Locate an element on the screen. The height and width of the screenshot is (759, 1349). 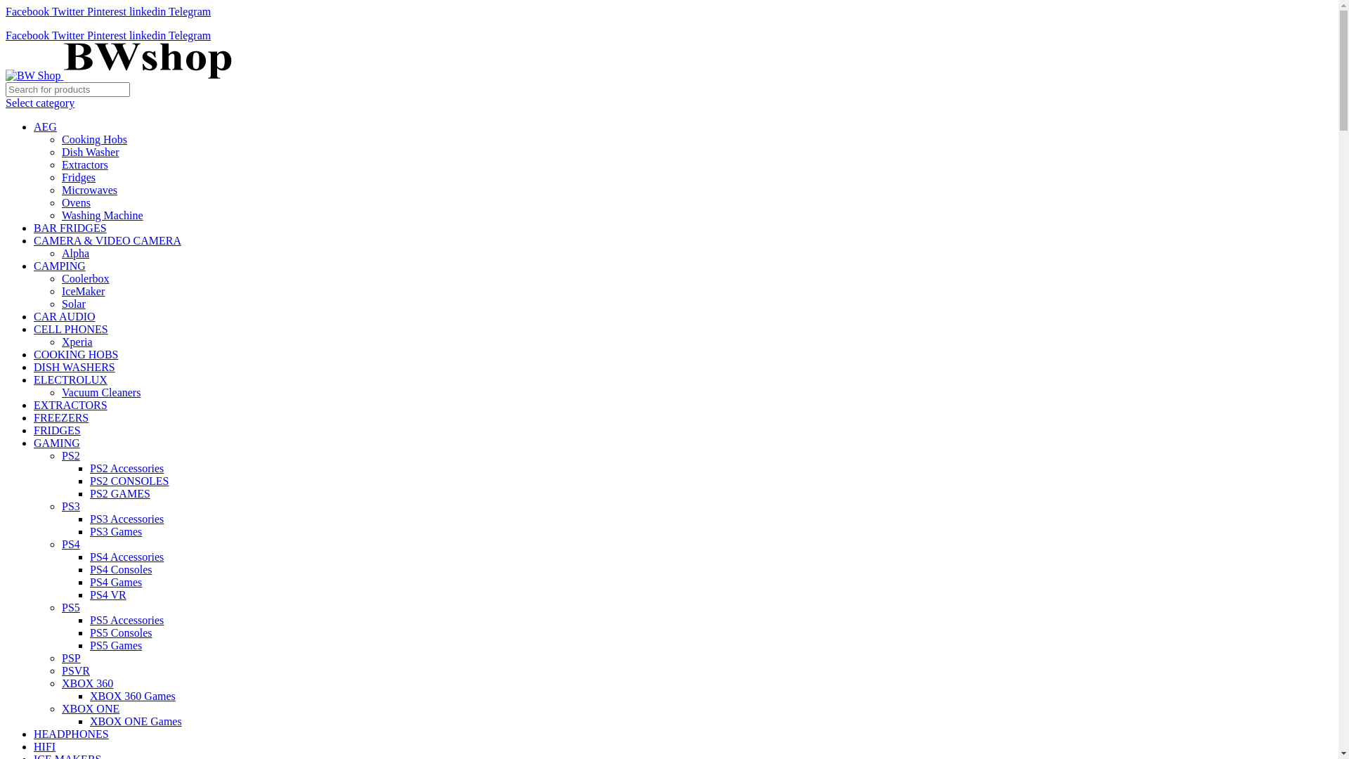
'CAMERA & VIDEO CAMERA' is located at coordinates (107, 240).